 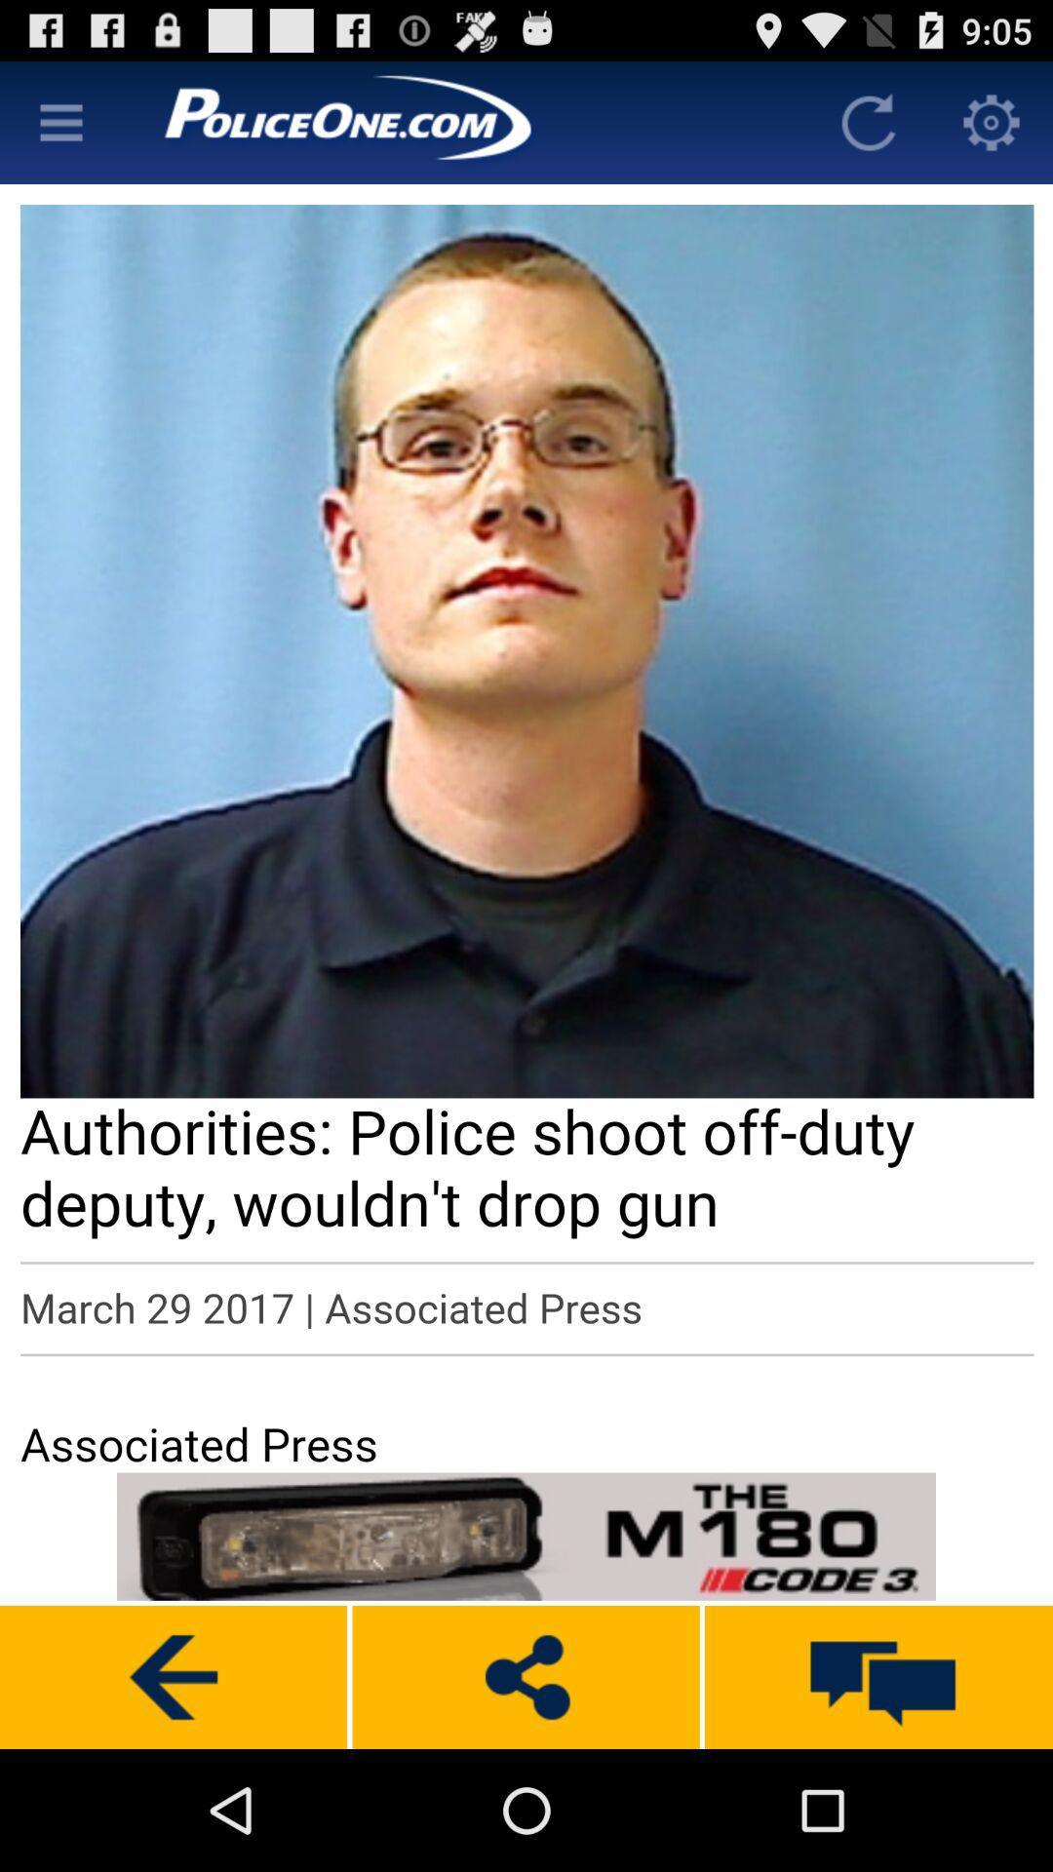 I want to click on search, so click(x=59, y=121).